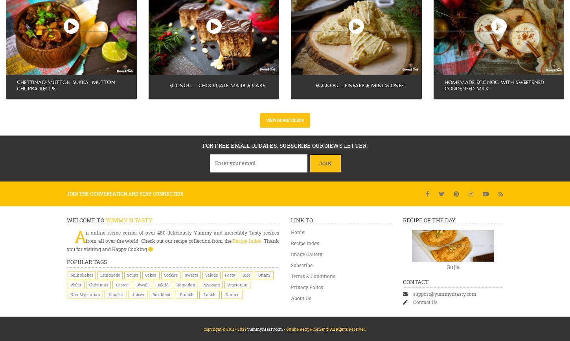 The height and width of the screenshot is (341, 570). What do you see at coordinates (225, 329) in the screenshot?
I see `'Copyright © 2011 - 2023'` at bounding box center [225, 329].